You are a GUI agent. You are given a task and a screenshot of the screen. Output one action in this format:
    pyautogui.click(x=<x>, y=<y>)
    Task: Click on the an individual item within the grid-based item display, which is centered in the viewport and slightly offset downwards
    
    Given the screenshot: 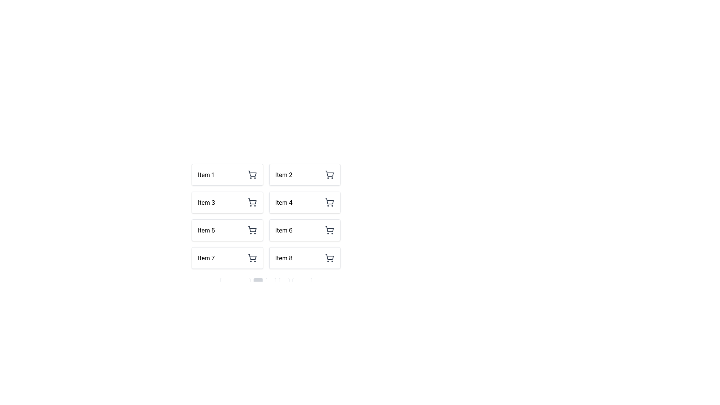 What is the action you would take?
    pyautogui.click(x=266, y=215)
    